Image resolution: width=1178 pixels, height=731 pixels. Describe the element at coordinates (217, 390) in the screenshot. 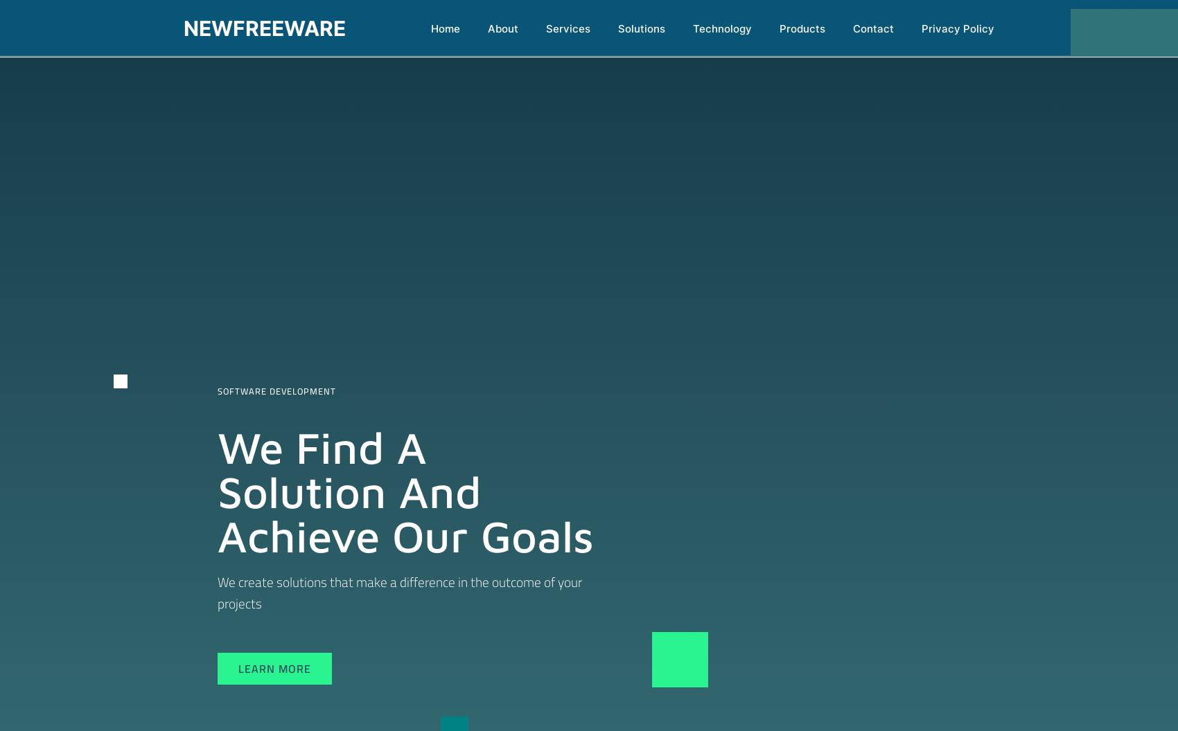

I see `'Software Development'` at that location.